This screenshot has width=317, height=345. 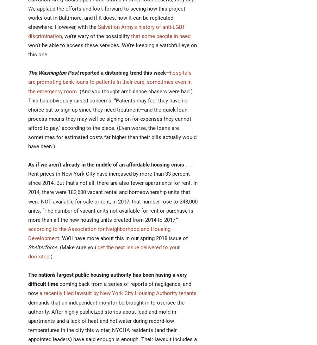 I want to click on 'coming back from a series of reports of negligence, and now', so click(x=109, y=288).